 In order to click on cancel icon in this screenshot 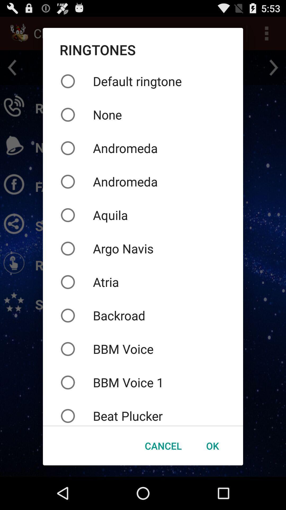, I will do `click(163, 446)`.